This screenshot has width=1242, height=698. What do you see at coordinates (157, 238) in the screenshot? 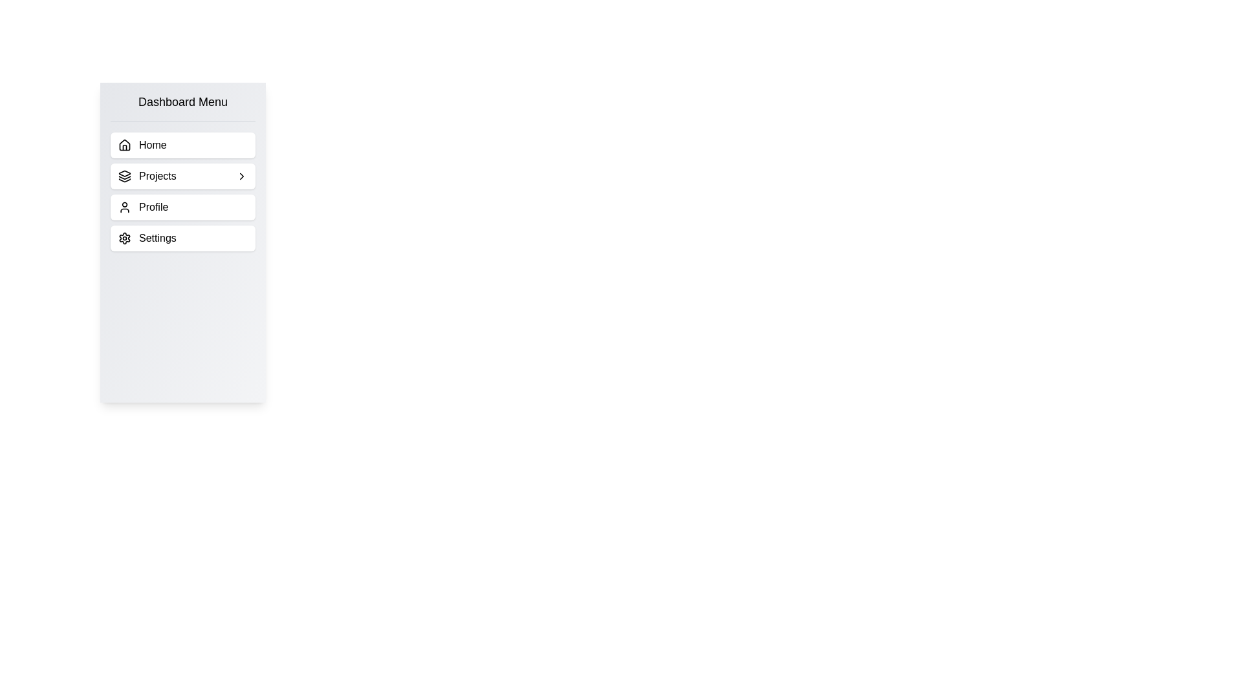
I see `the Label that indicates selecting this item will open the settings section of the application, positioned as the last item in the list of menu options in the left-hand side panel` at bounding box center [157, 238].